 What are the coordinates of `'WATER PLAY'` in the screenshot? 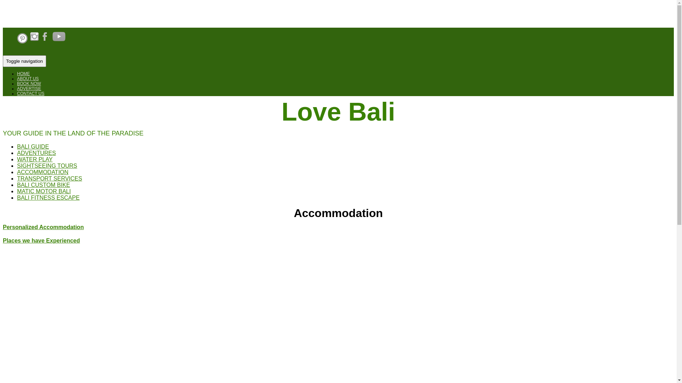 It's located at (17, 159).